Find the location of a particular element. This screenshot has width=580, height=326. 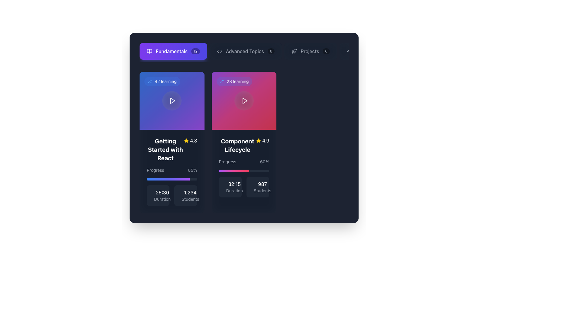

the informative text element indicating the number of learners associated with the course 'Component Lifecycle' to potentially reveal additional information is located at coordinates (237, 81).